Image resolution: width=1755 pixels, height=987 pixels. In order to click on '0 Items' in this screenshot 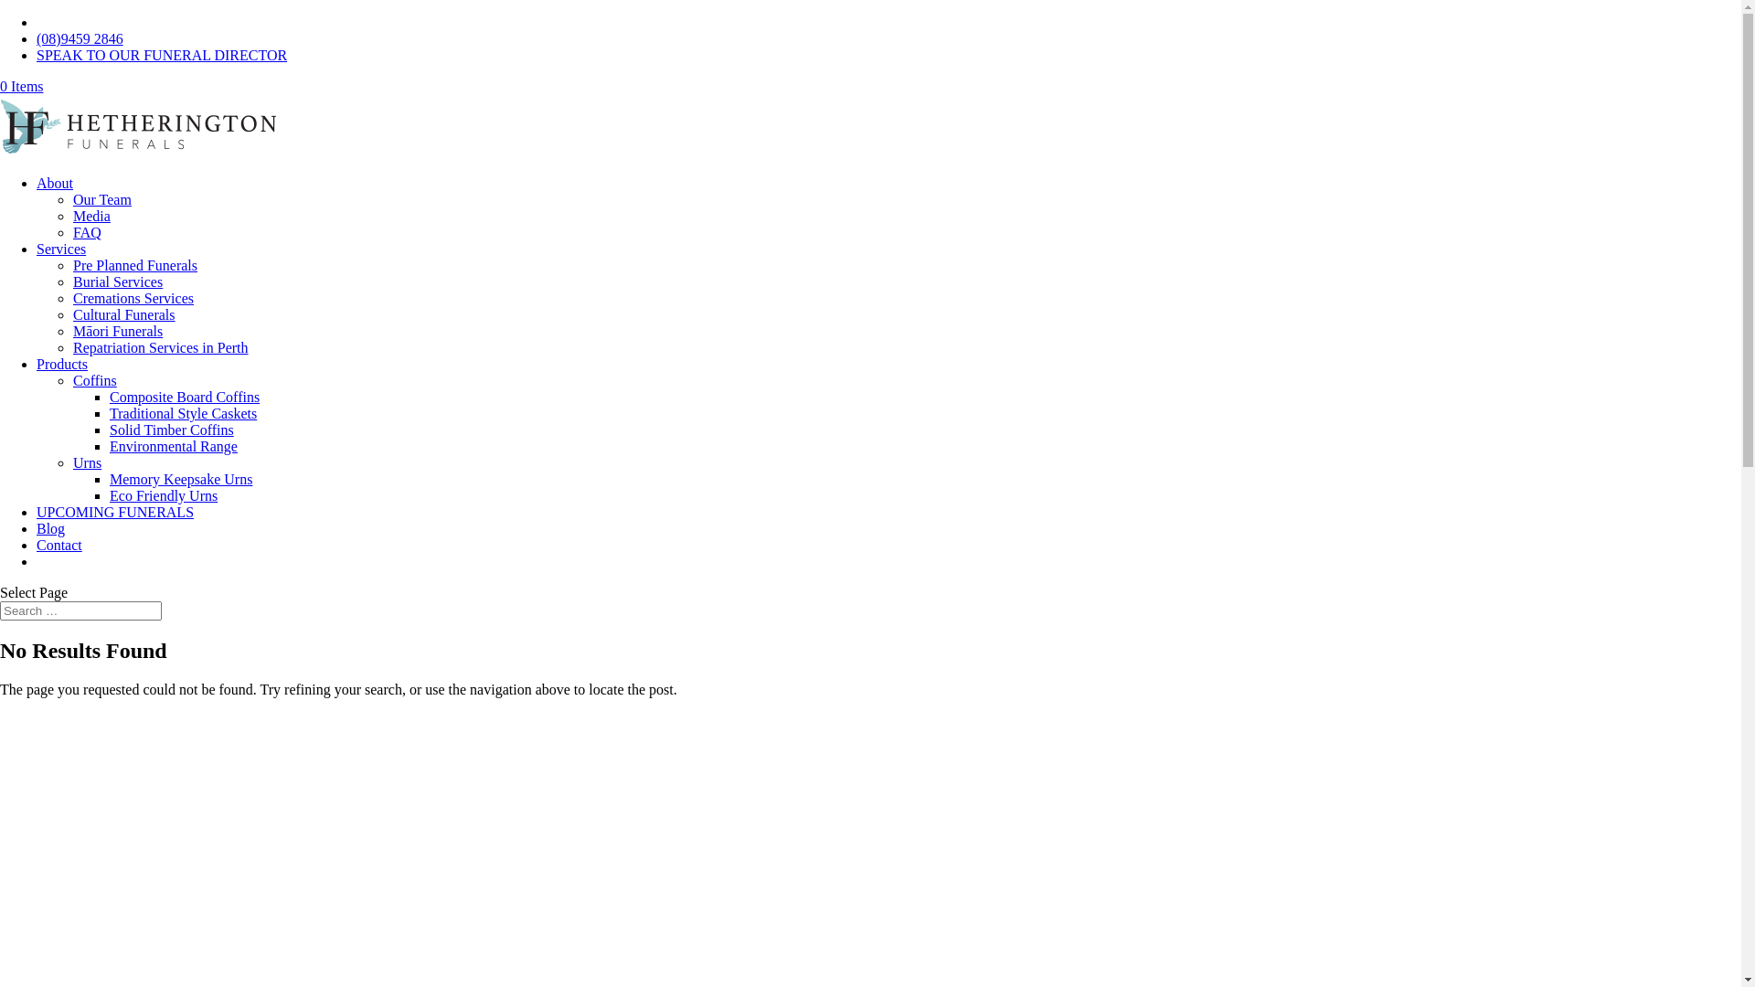, I will do `click(22, 86)`.